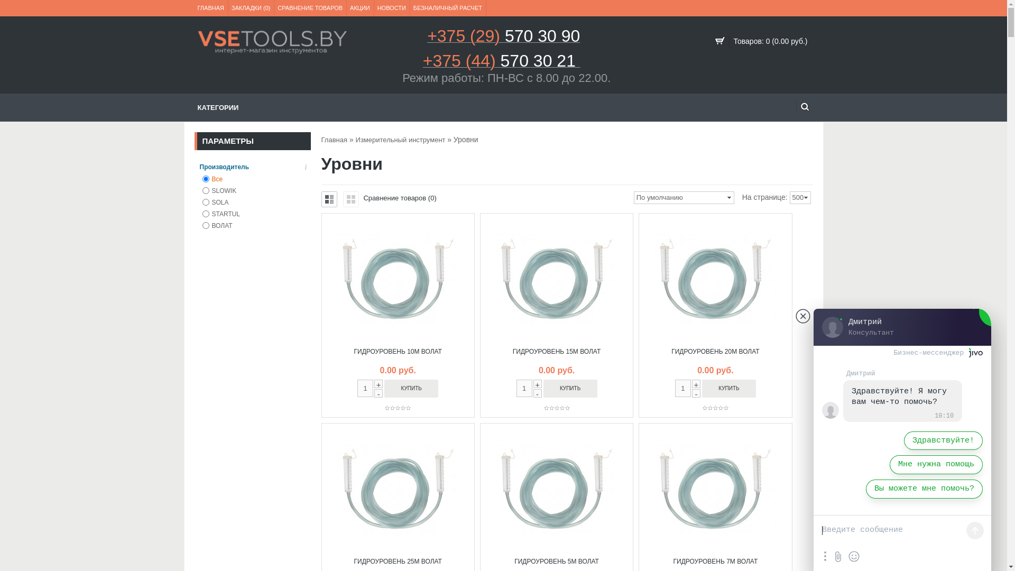 The height and width of the screenshot is (571, 1015). What do you see at coordinates (501, 64) in the screenshot?
I see `'+375 (44) 570 30 21 '` at bounding box center [501, 64].